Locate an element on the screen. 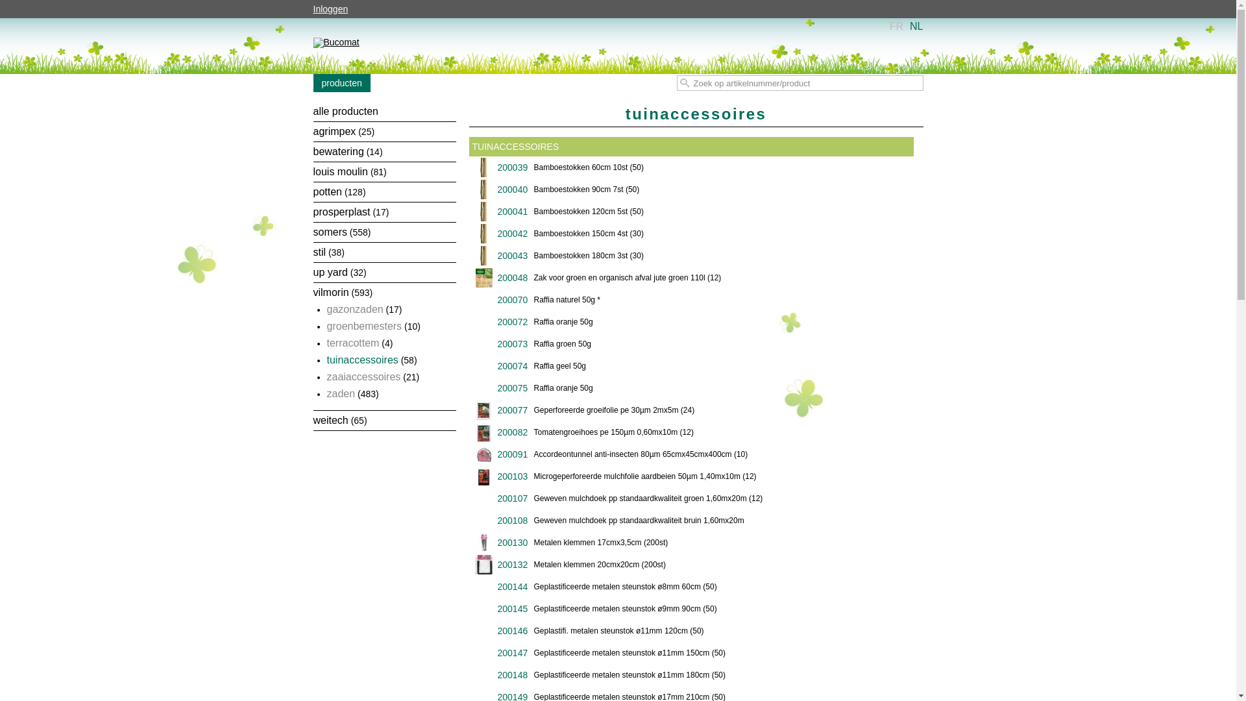  'bewatering' is located at coordinates (338, 151).